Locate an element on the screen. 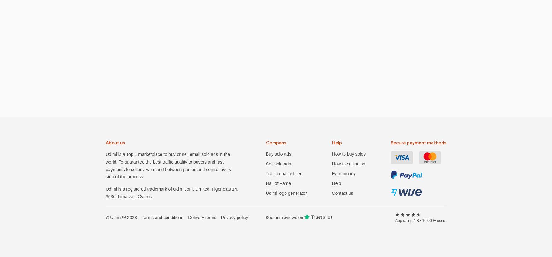 The width and height of the screenshot is (552, 257). 'Privacy policy' is located at coordinates (234, 217).